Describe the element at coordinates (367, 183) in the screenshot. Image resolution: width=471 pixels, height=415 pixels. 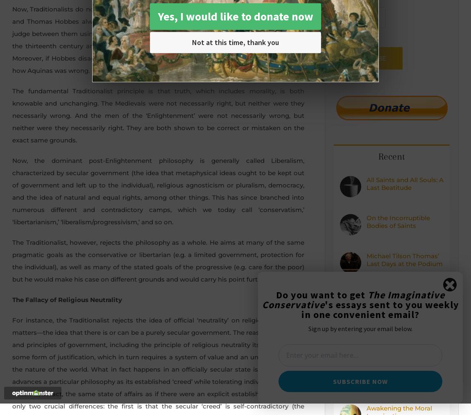
I see `'All Saints and All Souls: A Last Beatitude'` at that location.